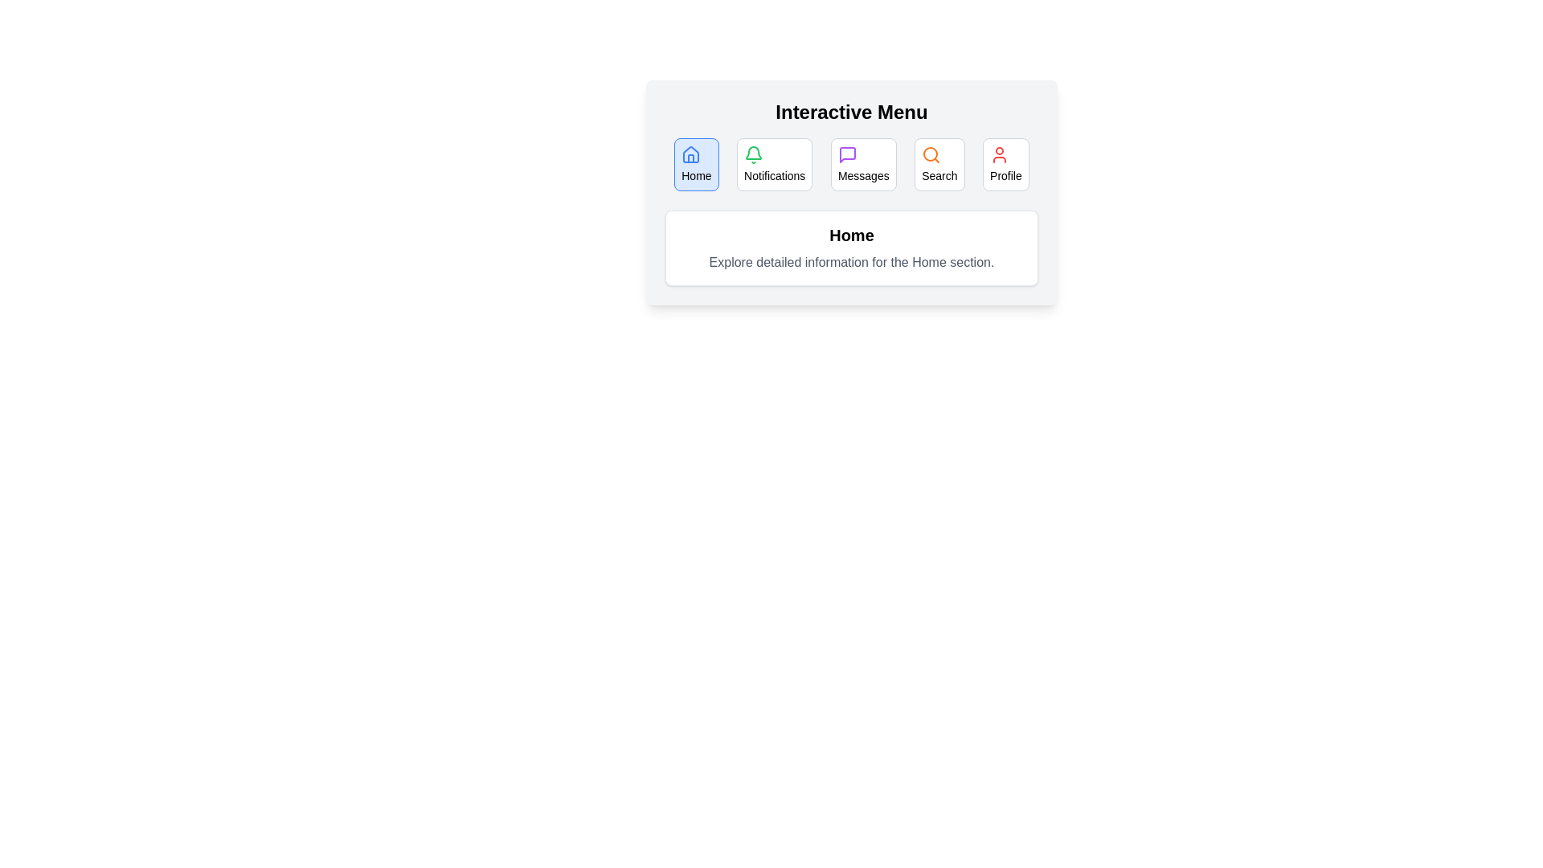 The height and width of the screenshot is (868, 1543). Describe the element at coordinates (1005, 176) in the screenshot. I see `the 'Profile' text label, which is part of the 'Profile' button located at the top right of the horizontal menu bar, following the menu items 'Home', 'Notifications', 'Messages', and 'Search'` at that location.